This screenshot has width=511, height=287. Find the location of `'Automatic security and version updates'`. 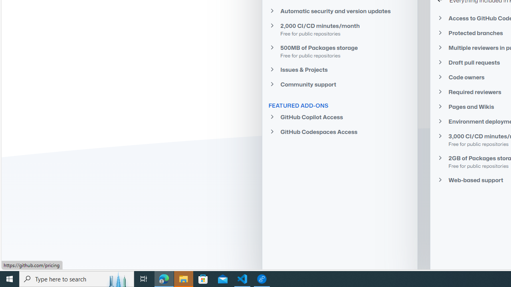

'Automatic security and version updates' is located at coordinates (340, 11).